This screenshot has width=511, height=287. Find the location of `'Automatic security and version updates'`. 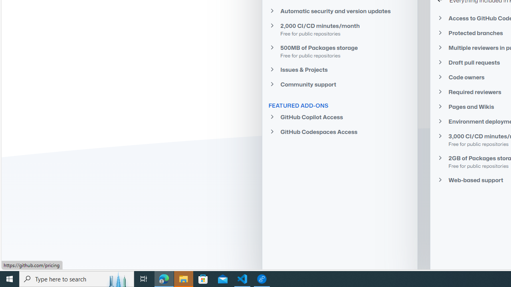

'Automatic security and version updates' is located at coordinates (340, 11).